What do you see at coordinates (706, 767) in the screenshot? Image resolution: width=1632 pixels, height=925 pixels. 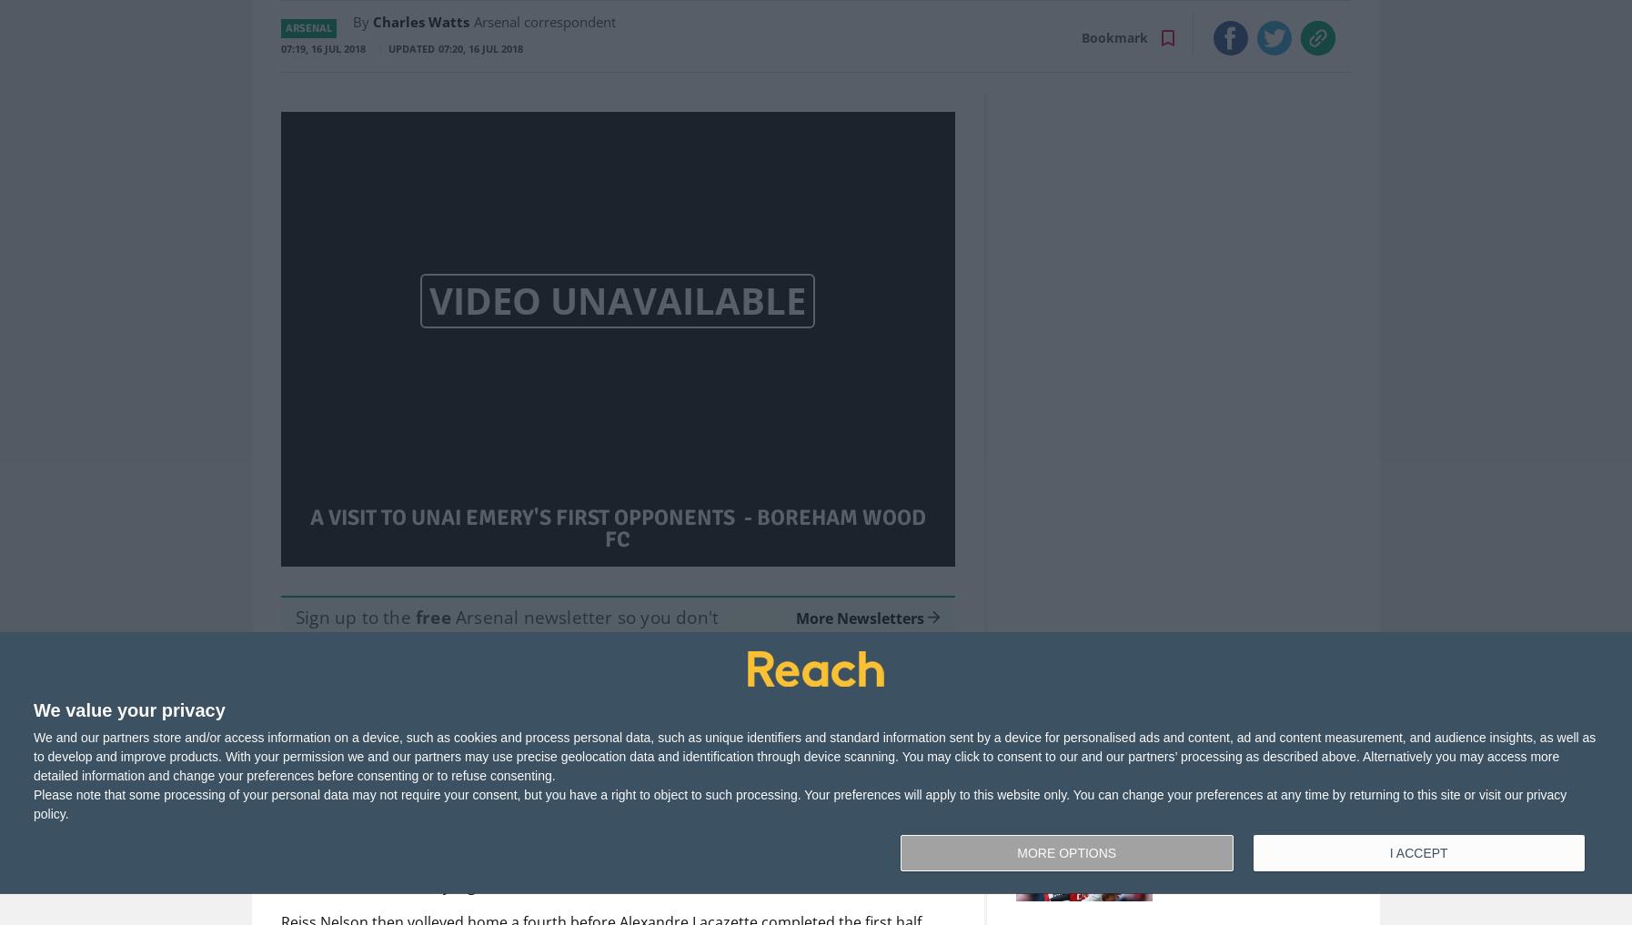 I see `'Story Saved'` at bounding box center [706, 767].